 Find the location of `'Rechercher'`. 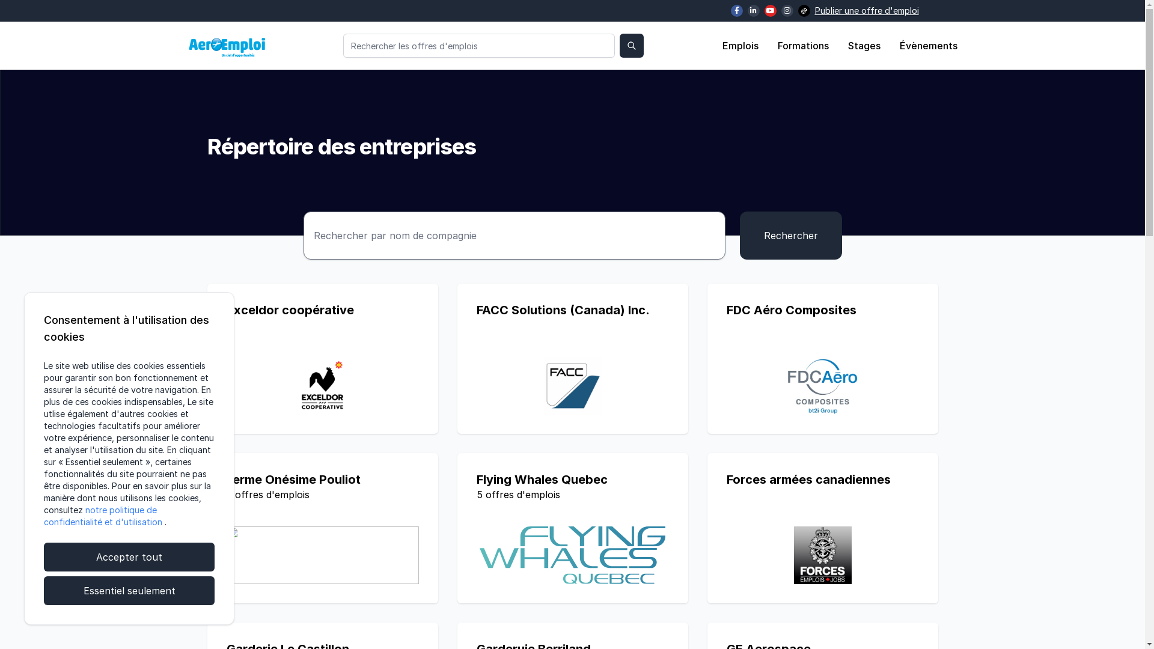

'Rechercher' is located at coordinates (738, 236).